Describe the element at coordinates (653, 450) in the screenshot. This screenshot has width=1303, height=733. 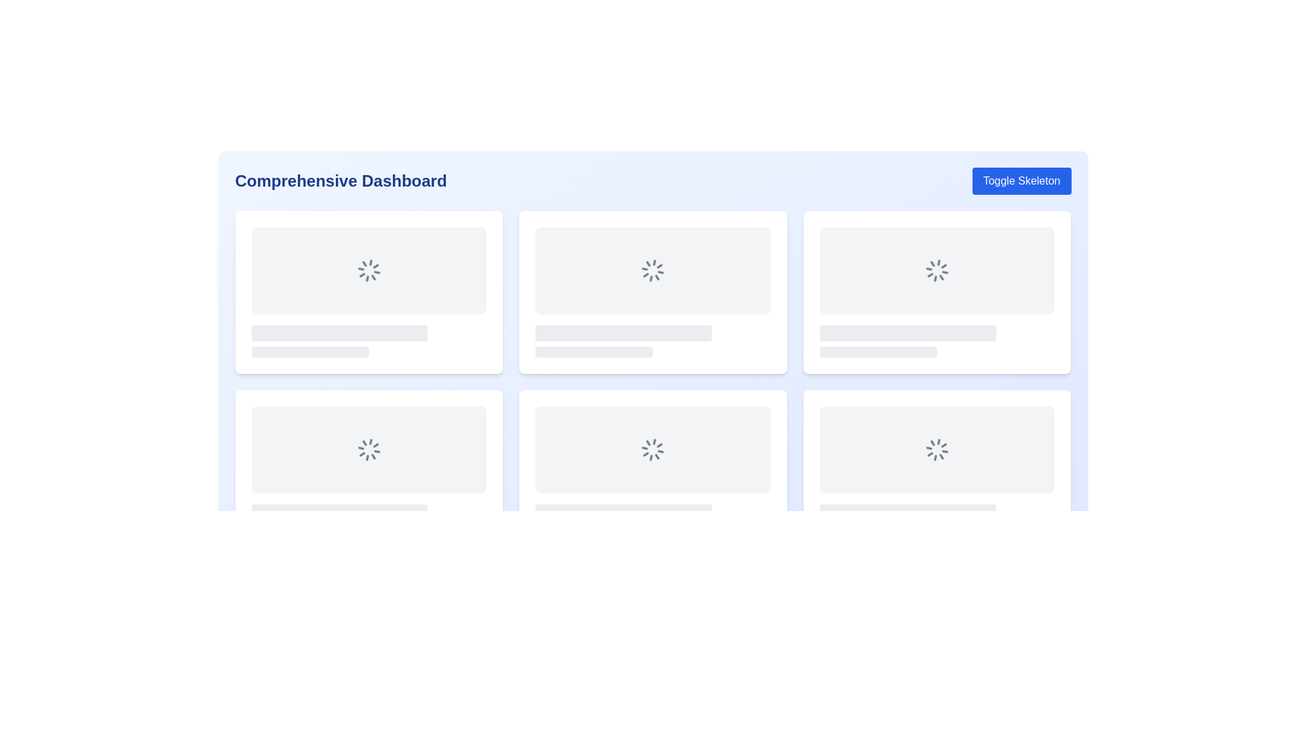
I see `the Loader or Spinner Icon located in the bottom row, middle column of the grid layout, which indicates that a process is currently loading or pending` at that location.